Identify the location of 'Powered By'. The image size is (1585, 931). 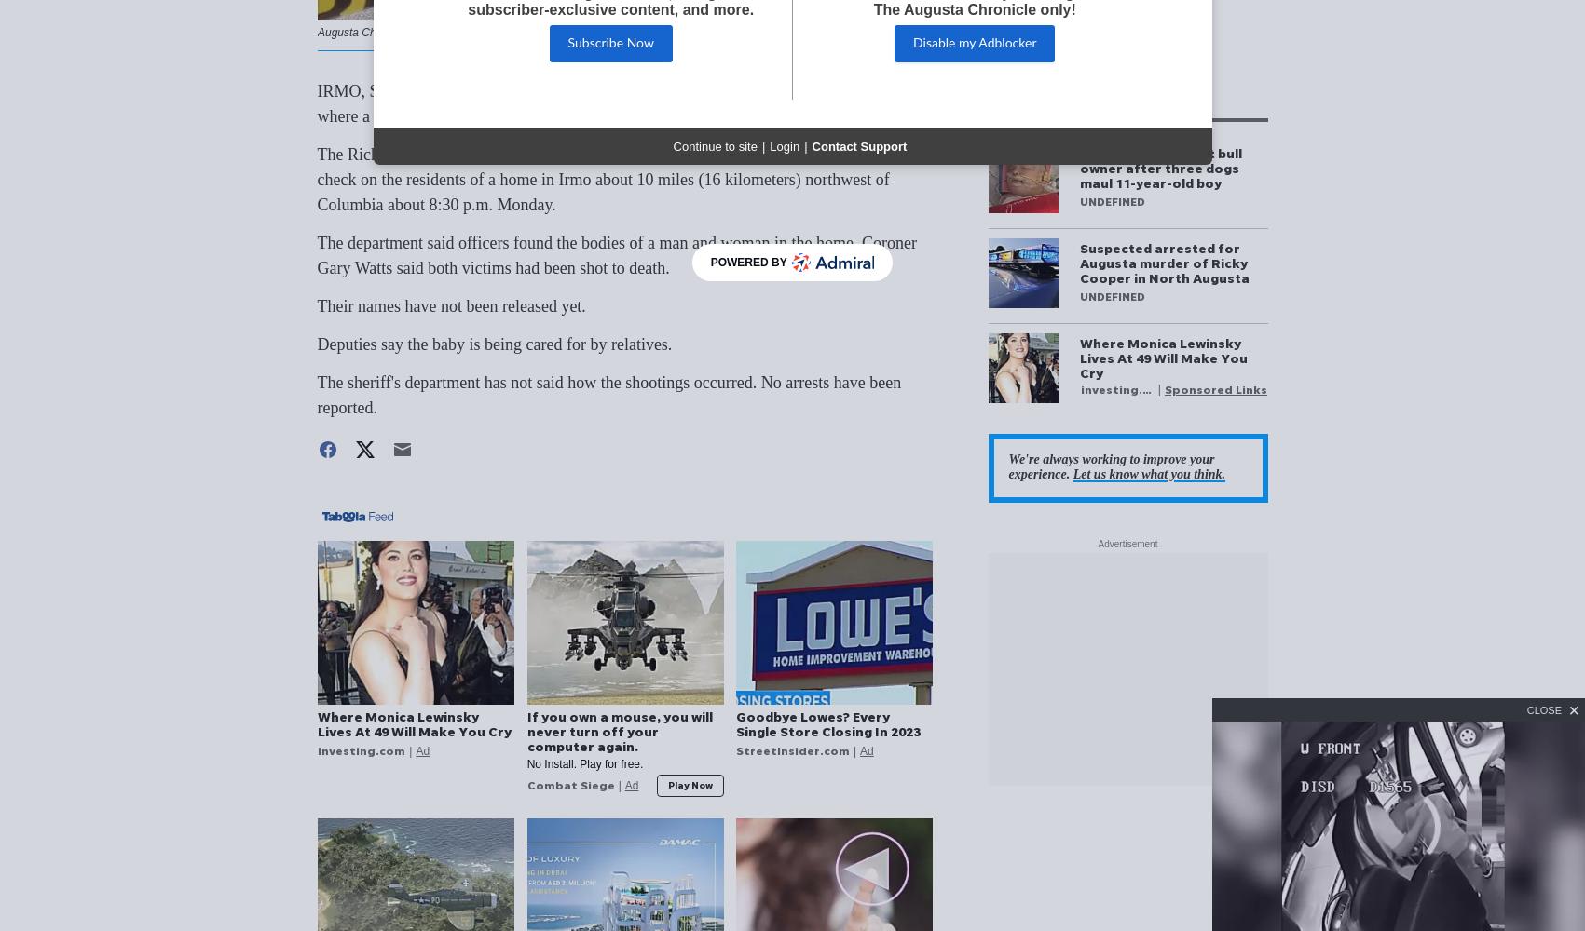
(748, 263).